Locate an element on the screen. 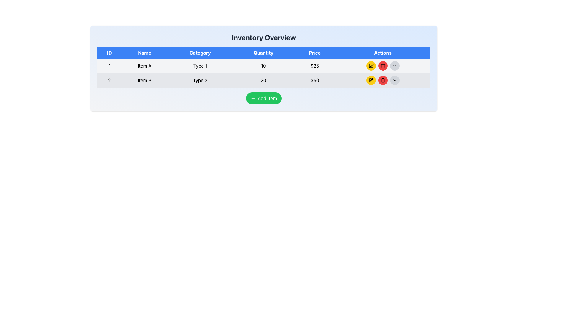  the downward-pointing chevron icon located in the Actions column of the second row in the table, which is contained within a circular button with a light gray background is located at coordinates (395, 80).